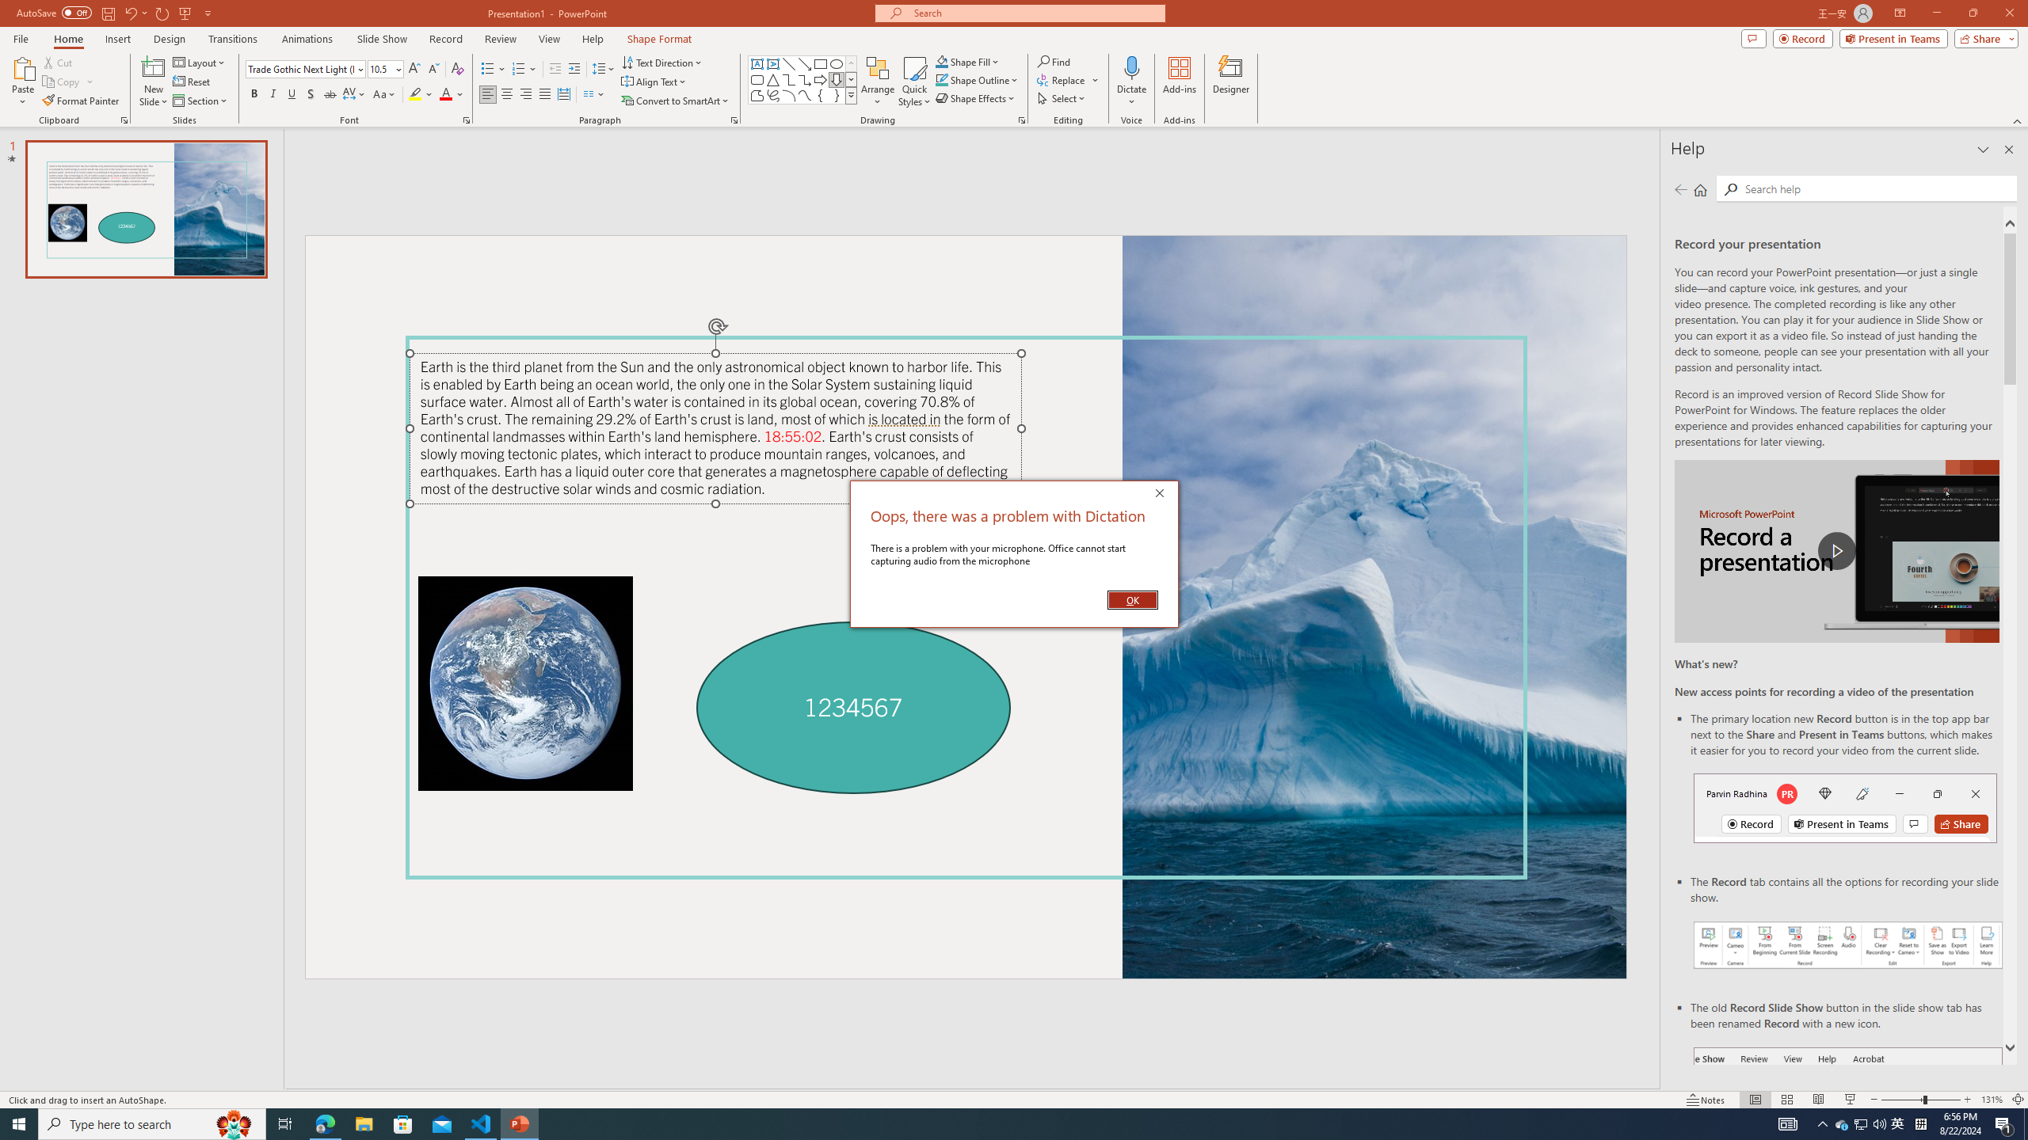 This screenshot has height=1140, width=2028. Describe the element at coordinates (1706, 1100) in the screenshot. I see `'Notes '` at that location.